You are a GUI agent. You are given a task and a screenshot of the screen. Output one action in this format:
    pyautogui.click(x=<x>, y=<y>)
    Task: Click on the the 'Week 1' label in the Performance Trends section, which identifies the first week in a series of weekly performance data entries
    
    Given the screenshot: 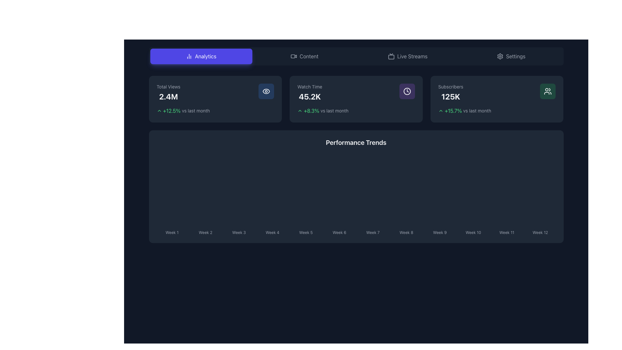 What is the action you would take?
    pyautogui.click(x=172, y=231)
    